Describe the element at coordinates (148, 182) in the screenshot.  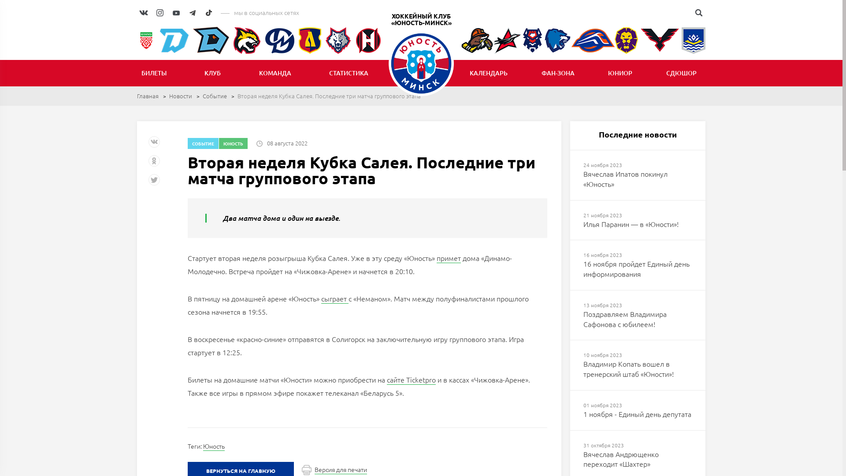
I see `'Twitter'` at that location.